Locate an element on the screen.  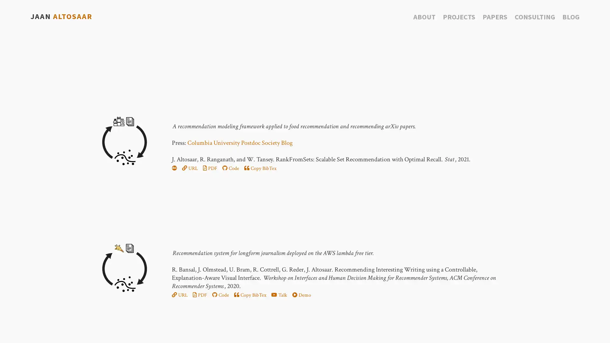
Copy BibTex is located at coordinates (260, 168).